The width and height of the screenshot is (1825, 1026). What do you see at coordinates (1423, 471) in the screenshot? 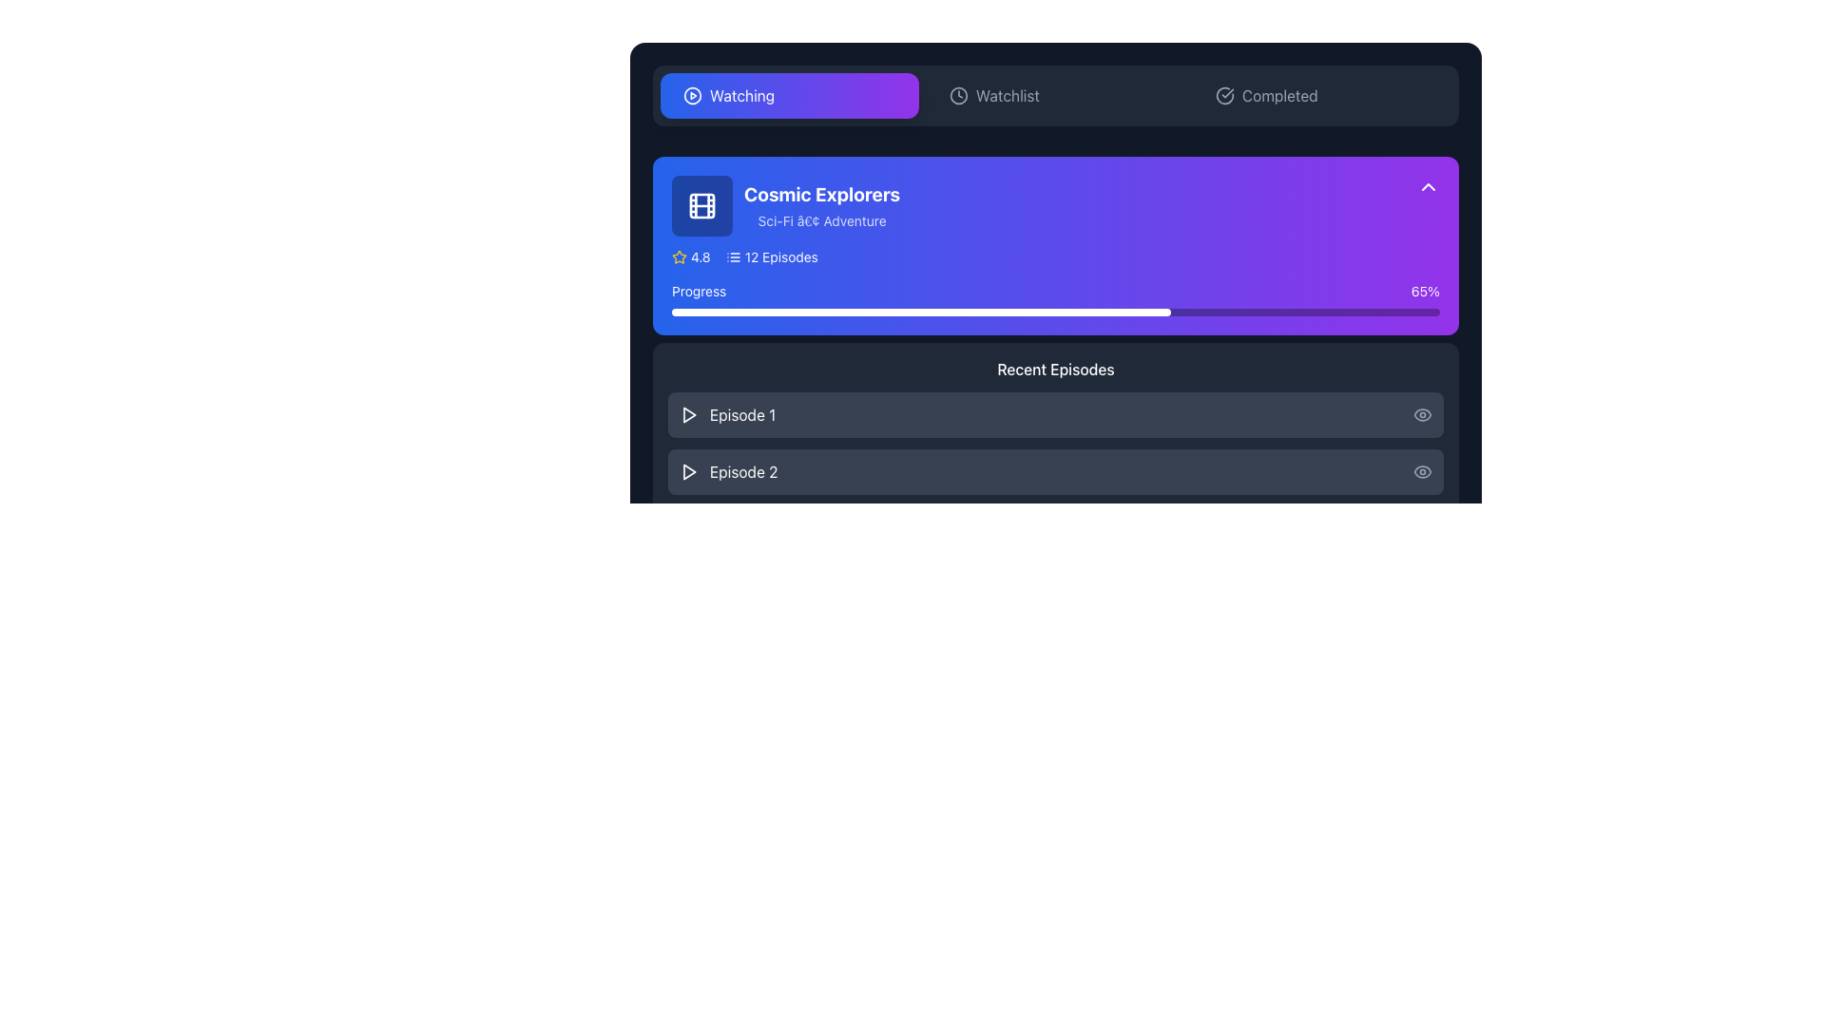
I see `the visibility icon located near the right edge of the row labeled 'Episode 2', which serves as an indicator for view-related actions` at bounding box center [1423, 471].